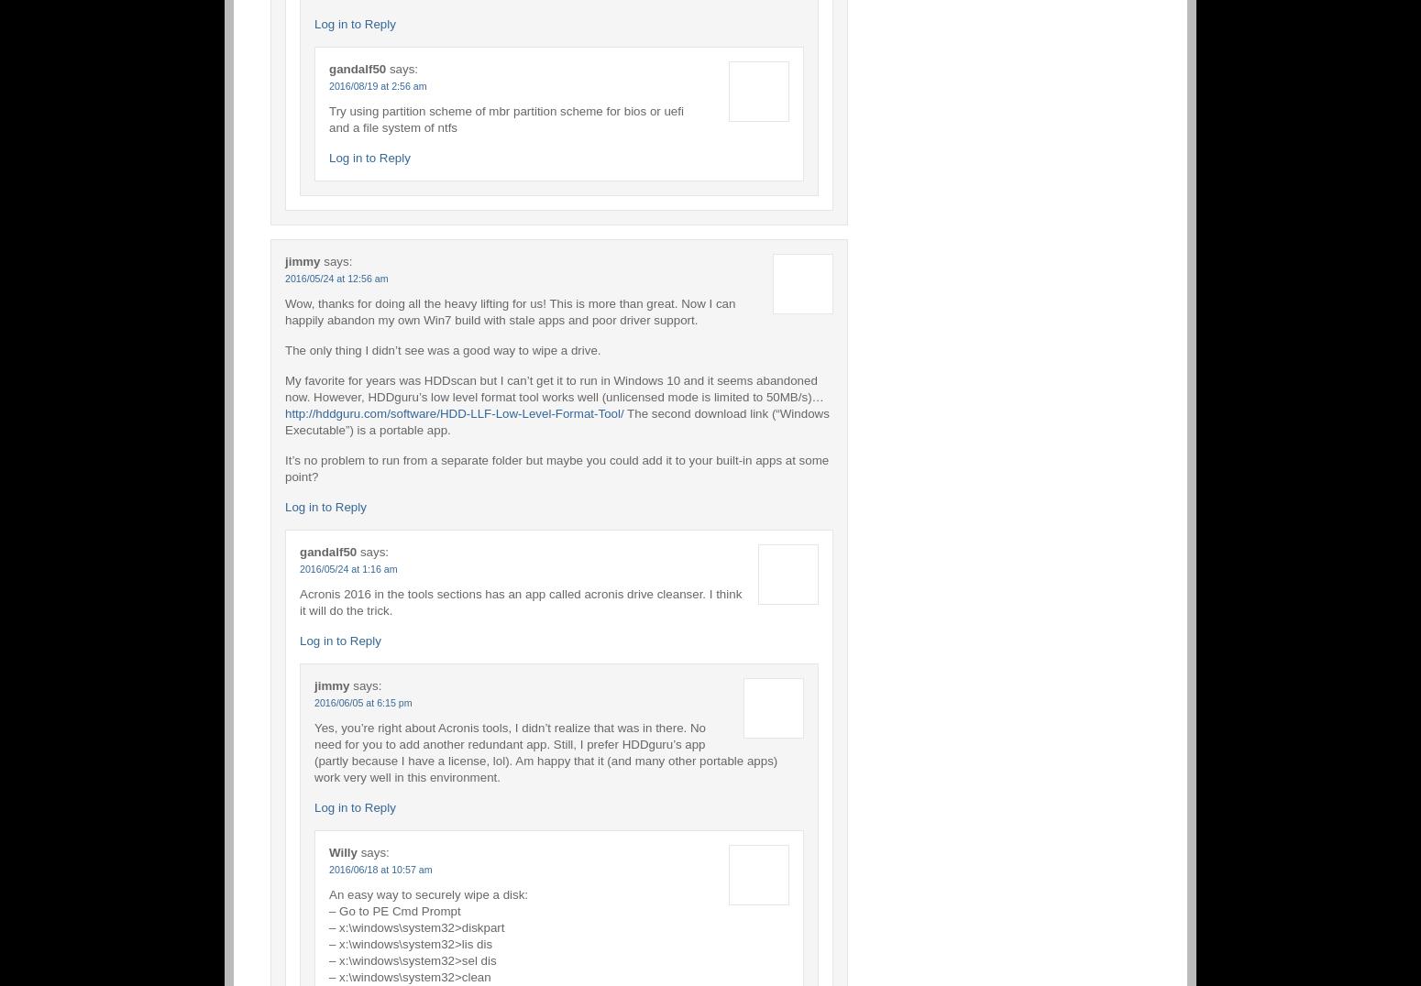  What do you see at coordinates (314, 750) in the screenshot?
I see `'Yes, you’re right about Acronis tools, I didn’t realize that was in there.  No need for you to add another redundant app.  Still, I prefer HDDguru’s app (partly because I have a license, lol).  Am happy that it (and many other portable apps) work very well in this environment.'` at bounding box center [314, 750].